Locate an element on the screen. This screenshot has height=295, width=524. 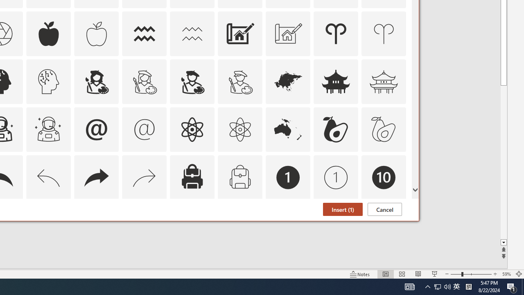
'AutomationID: Icons_Atom' is located at coordinates (192, 129).